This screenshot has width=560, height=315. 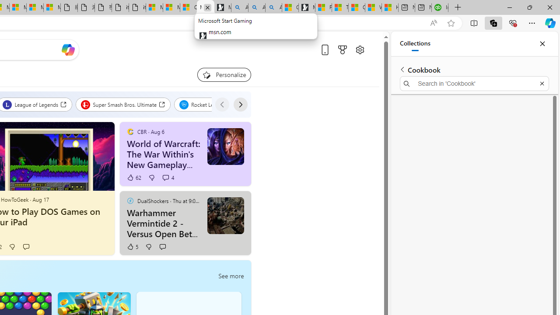 I want to click on 'Previous', so click(x=222, y=104).